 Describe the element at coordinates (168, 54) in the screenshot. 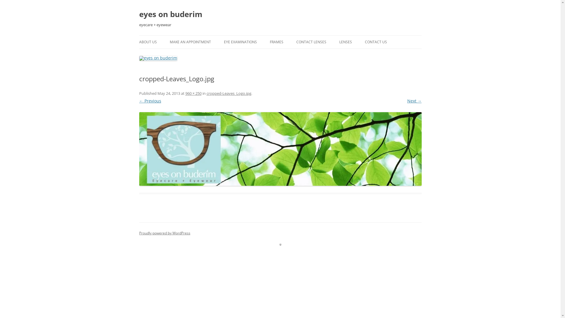

I see `'PAYMENT DETAILS'` at that location.